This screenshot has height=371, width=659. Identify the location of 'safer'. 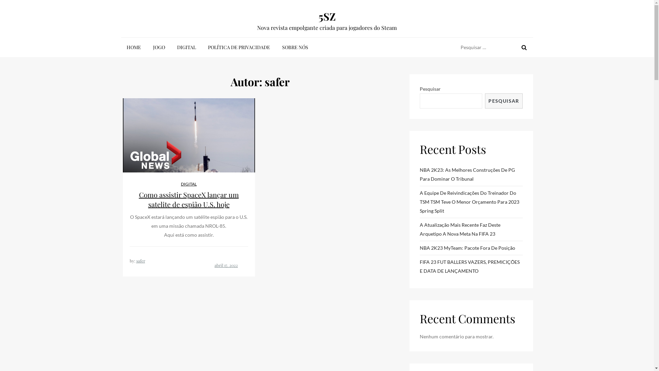
(140, 261).